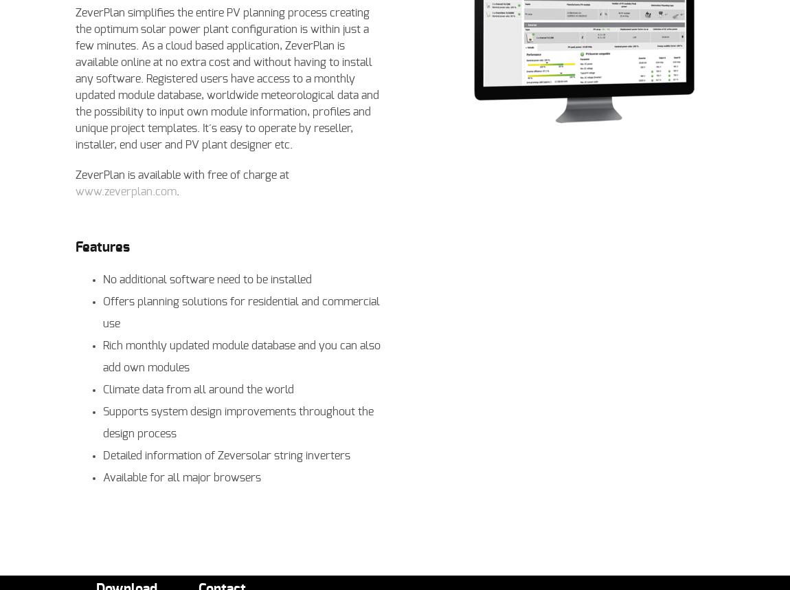 The image size is (790, 590). I want to click on 'ZeverPlan simplifies the entire PV planning process creating the optimum solar power plant configuration is within just a few minutes. As a cloud based application, ZeverPlan is available online at no extra cost and without having to install any software. Registered users have access to a monthly updated module database, worldwide meteorological data and the possibility to input own module information, profiles and unique project templates. It´s easy to operate by reseller, installer, end user and PV plant designer etc.', so click(227, 78).